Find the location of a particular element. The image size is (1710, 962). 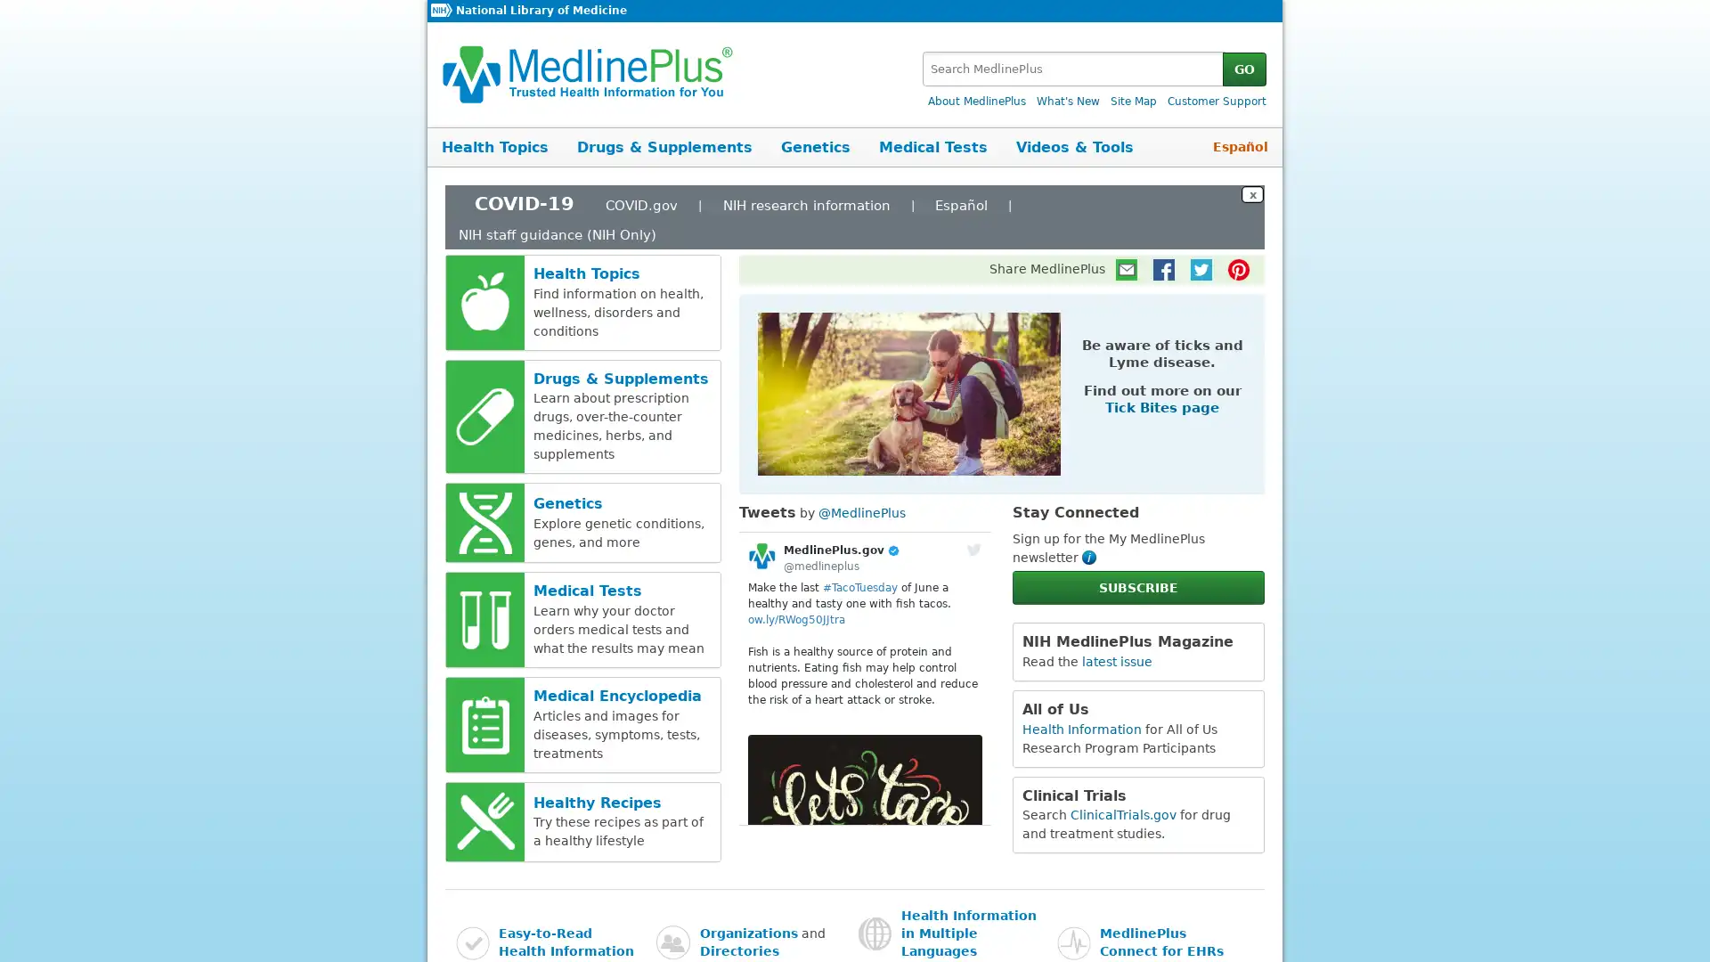

GO is located at coordinates (1243, 68).